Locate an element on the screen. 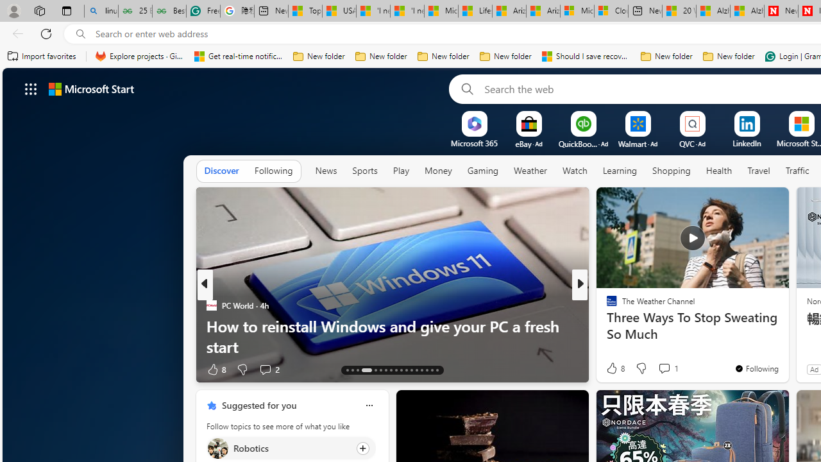 The image size is (821, 462). 'AutomationID: tab-26' is located at coordinates (421, 370).